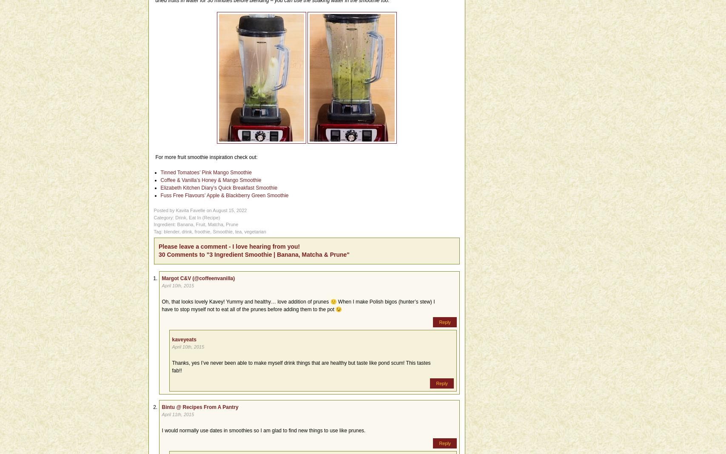 This screenshot has height=454, width=726. I want to click on 'on', so click(208, 210).